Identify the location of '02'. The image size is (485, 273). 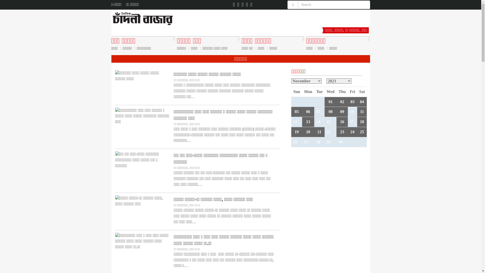
(342, 102).